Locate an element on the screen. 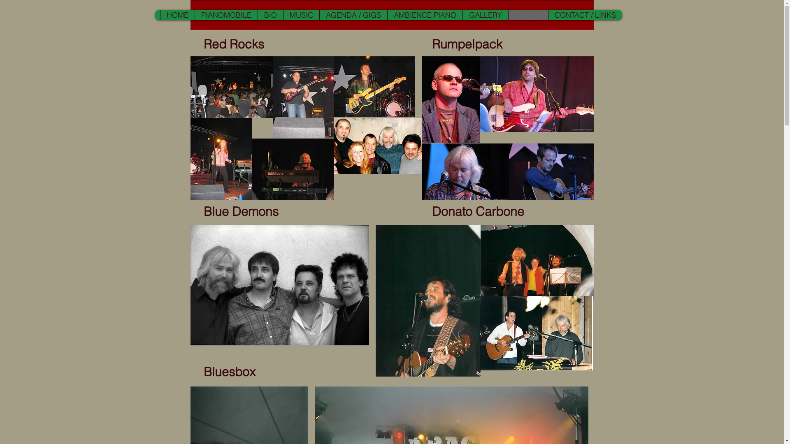  'BIO' is located at coordinates (270, 15).